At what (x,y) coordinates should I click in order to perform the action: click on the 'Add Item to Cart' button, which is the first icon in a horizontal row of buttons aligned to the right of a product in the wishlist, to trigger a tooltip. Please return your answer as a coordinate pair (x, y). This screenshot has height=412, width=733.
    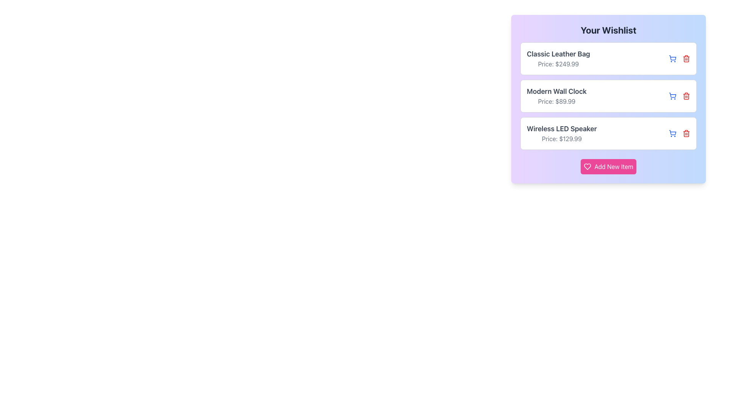
    Looking at the image, I should click on (672, 133).